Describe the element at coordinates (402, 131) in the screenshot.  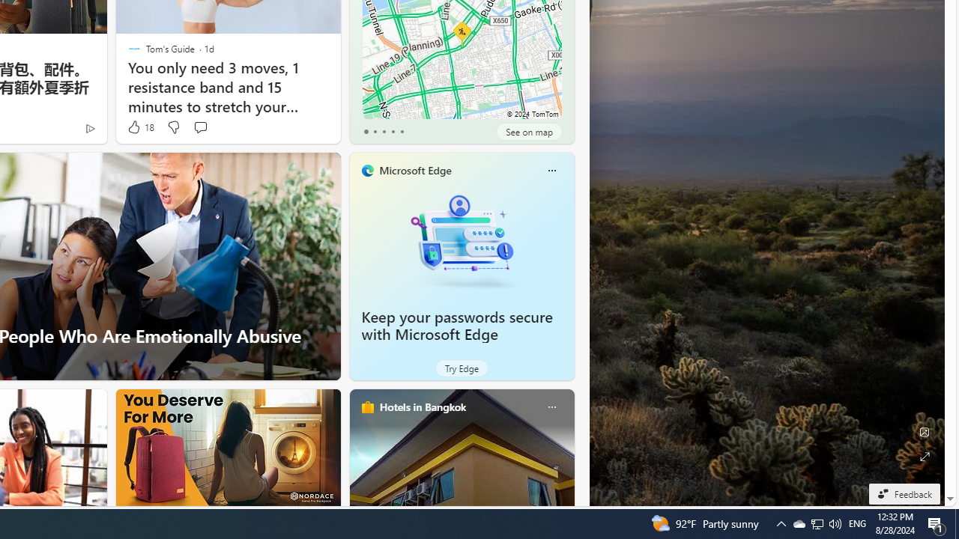
I see `'tab-4'` at that location.